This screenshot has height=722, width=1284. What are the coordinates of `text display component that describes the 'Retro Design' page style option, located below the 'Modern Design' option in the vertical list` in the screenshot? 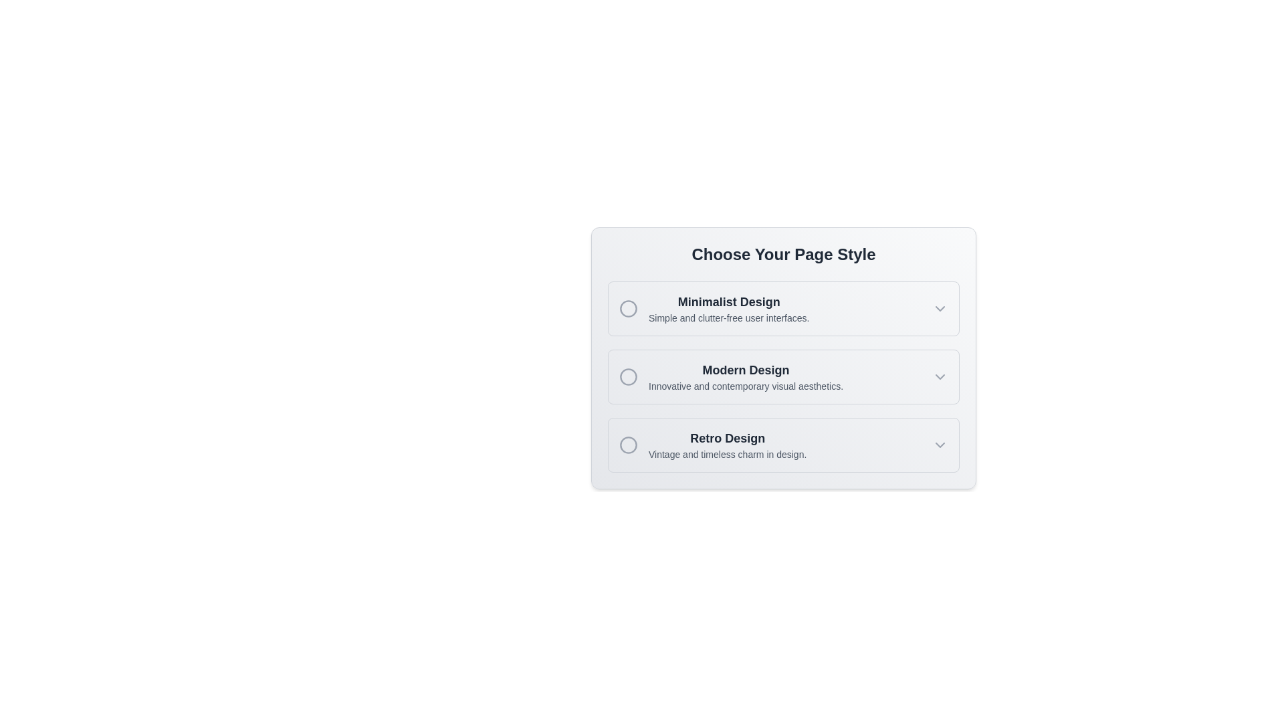 It's located at (727, 445).